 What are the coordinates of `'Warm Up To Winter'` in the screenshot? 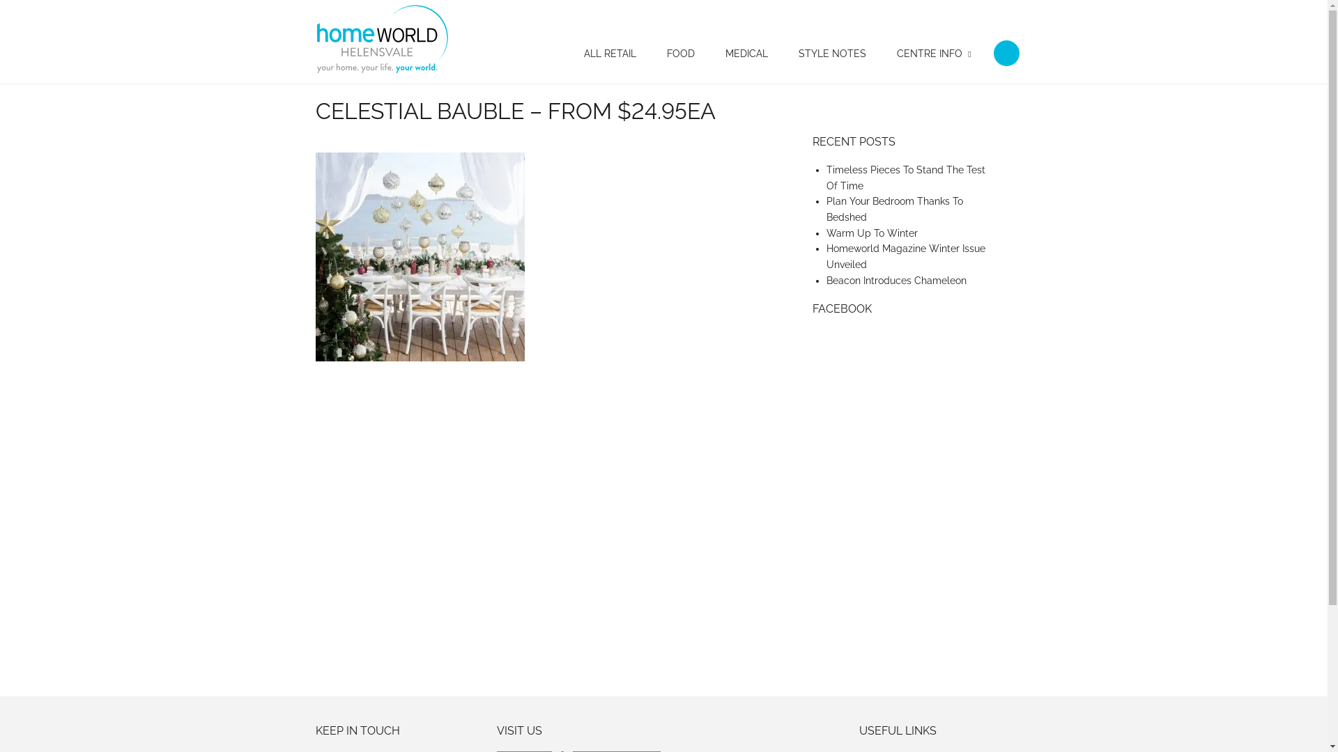 It's located at (871, 233).